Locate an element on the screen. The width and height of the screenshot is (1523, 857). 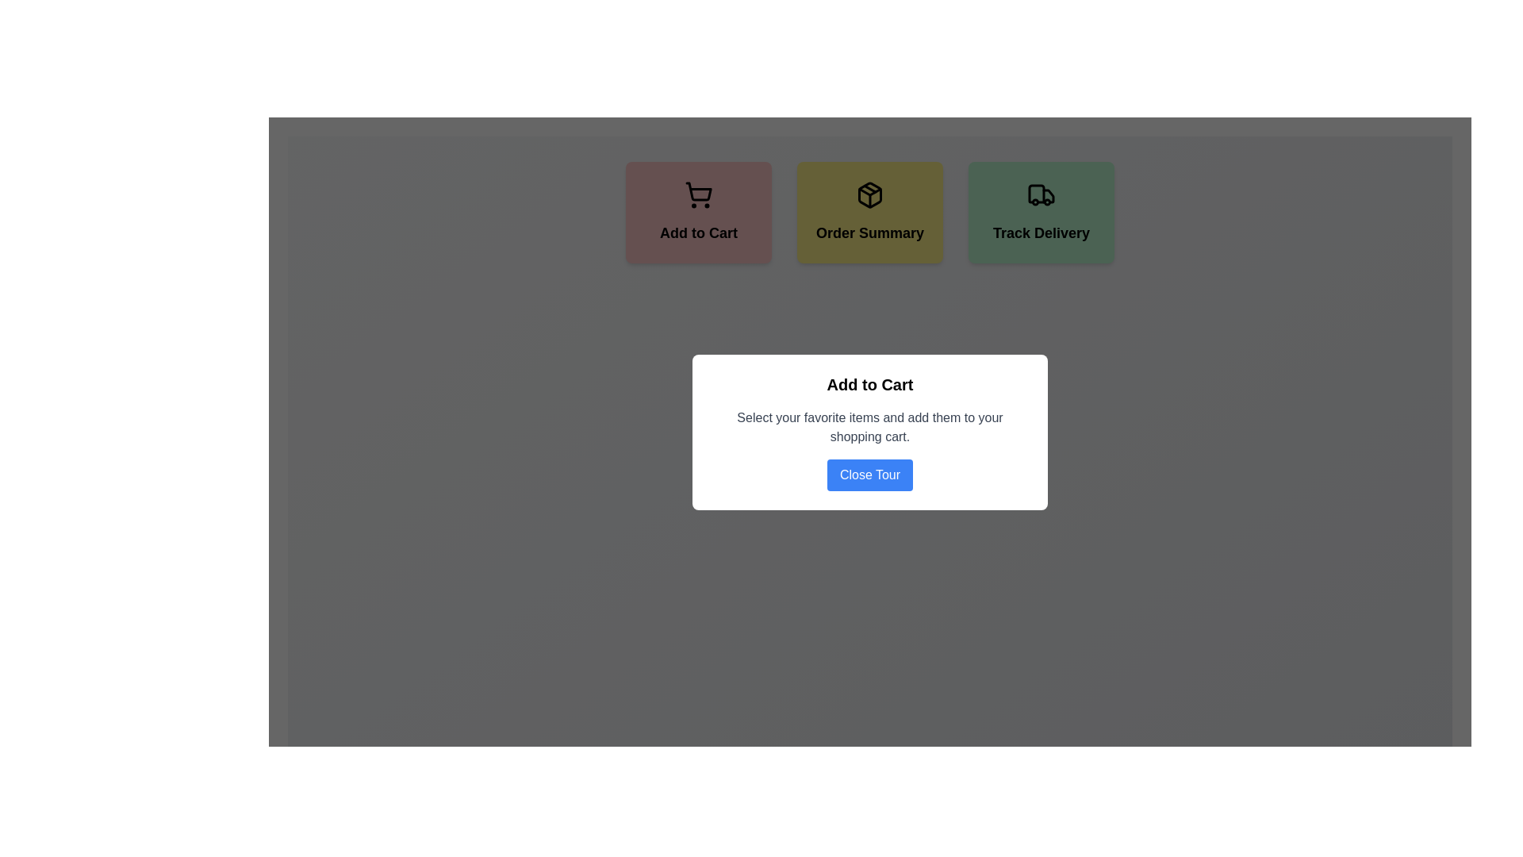
the yellow 'Order Summary' button, which has a black package icon and bold text is located at coordinates (869, 211).